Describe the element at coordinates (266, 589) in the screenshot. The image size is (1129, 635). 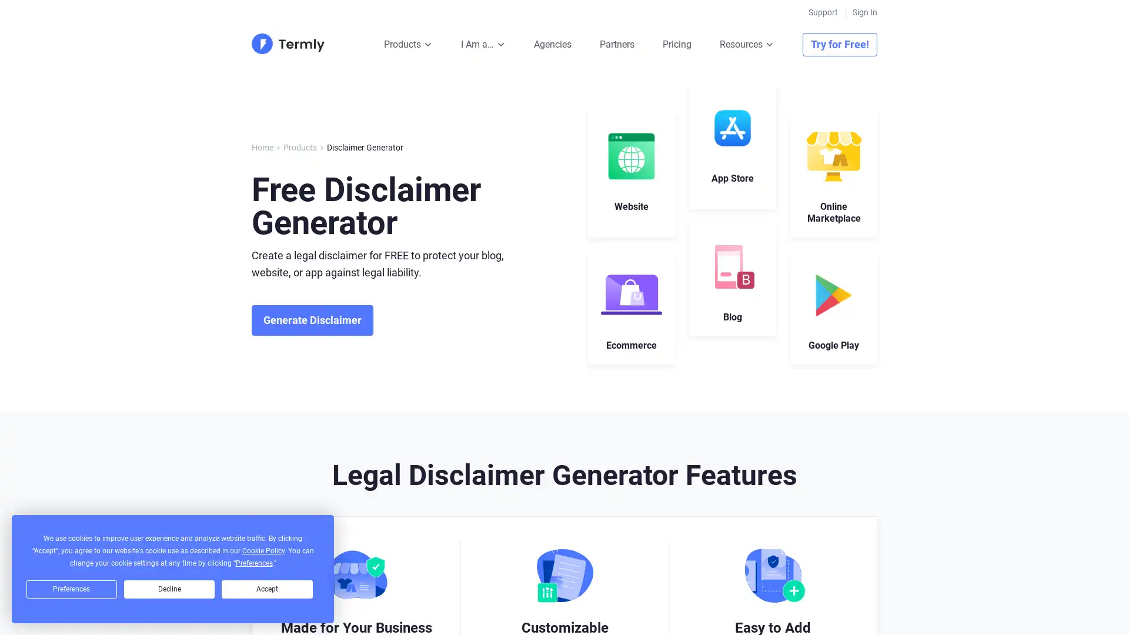
I see `Accept` at that location.